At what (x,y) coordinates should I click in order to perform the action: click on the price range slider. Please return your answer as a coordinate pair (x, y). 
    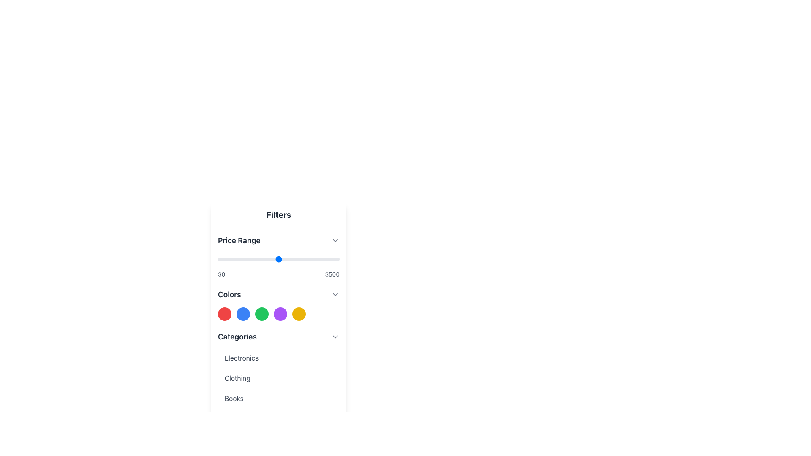
    Looking at the image, I should click on (332, 258).